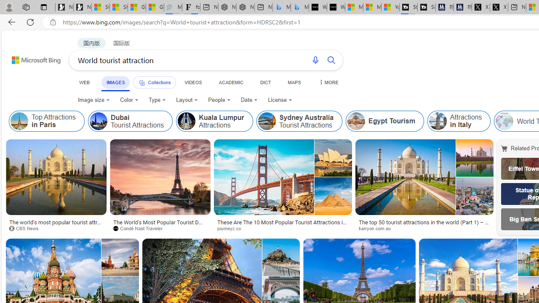 This screenshot has width=539, height=303. What do you see at coordinates (300, 7) in the screenshot?
I see `'Microsoft Bing Travel - Shangri-La Hotel Bangkok'` at bounding box center [300, 7].